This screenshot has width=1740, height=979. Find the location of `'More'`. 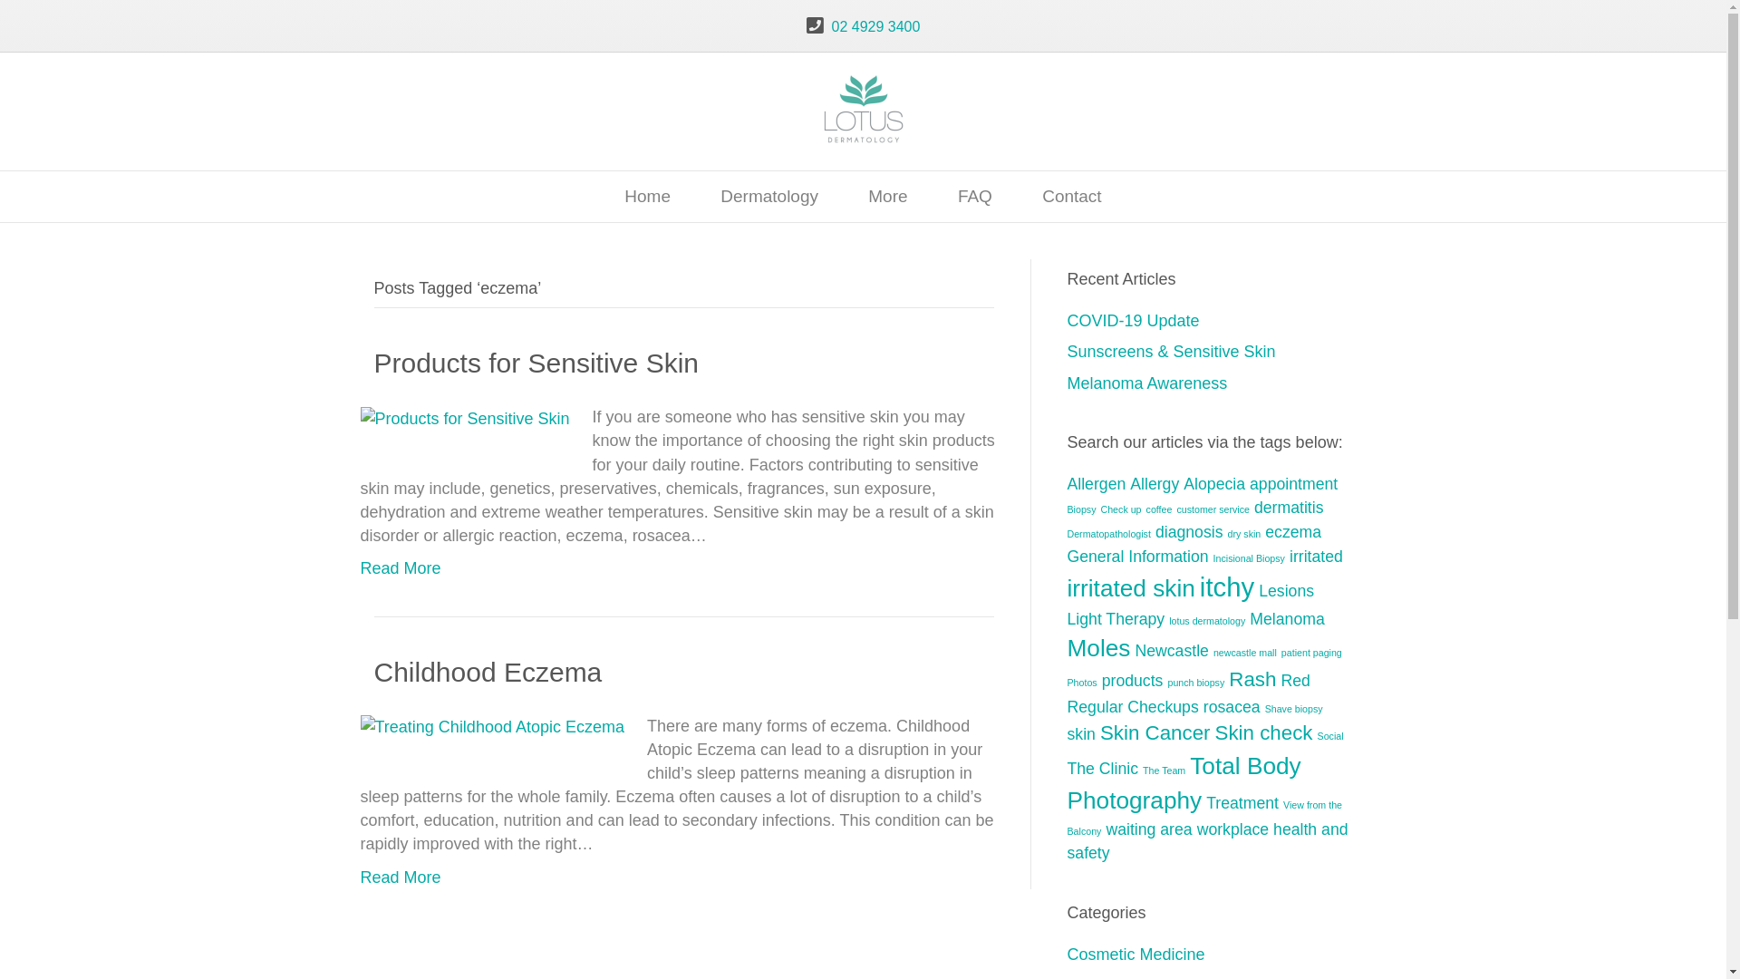

'More' is located at coordinates (887, 197).